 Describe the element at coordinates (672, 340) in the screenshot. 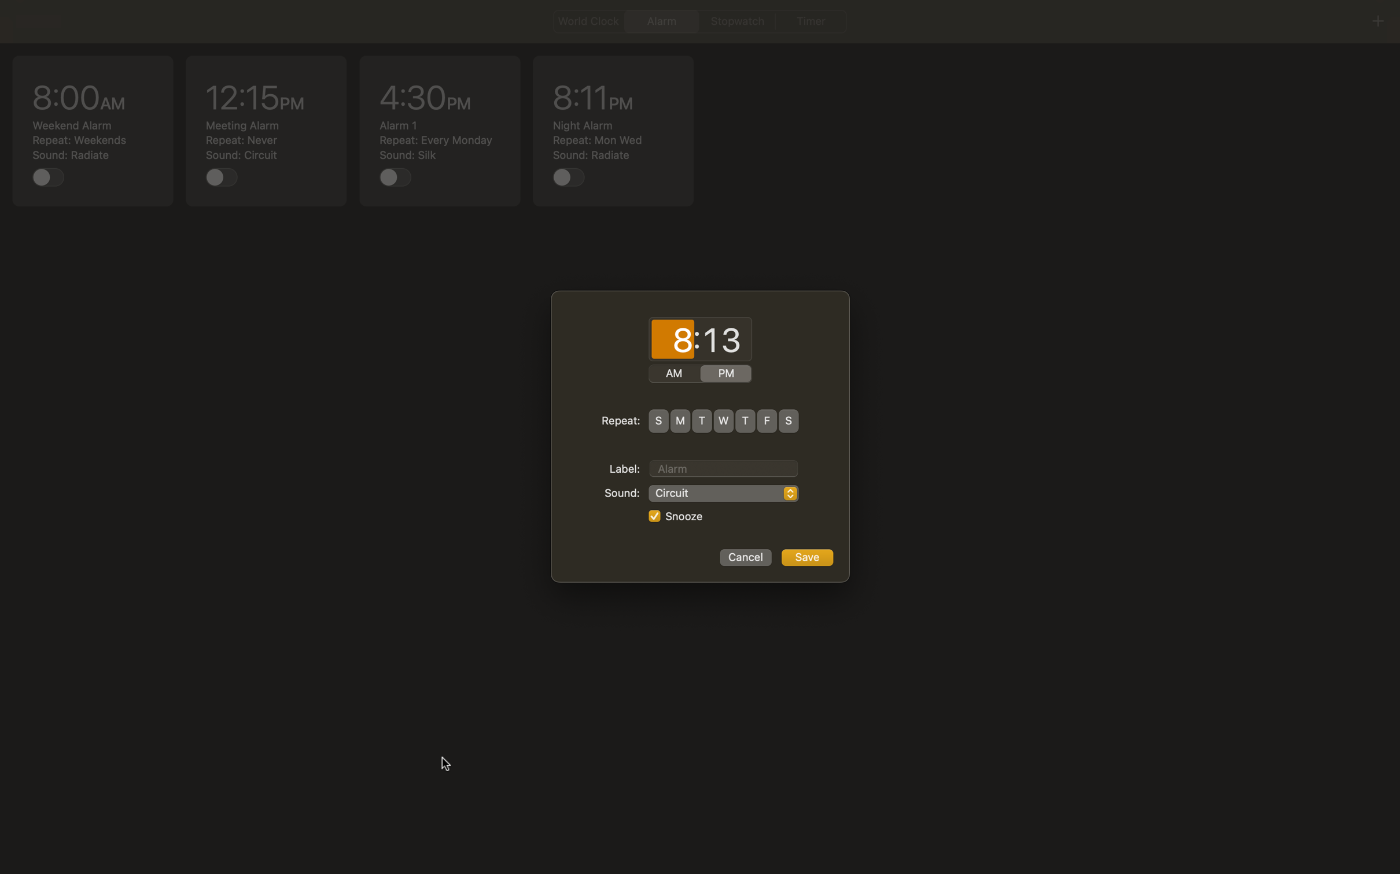

I see `Input "02" for hours and "00" for minutes` at that location.